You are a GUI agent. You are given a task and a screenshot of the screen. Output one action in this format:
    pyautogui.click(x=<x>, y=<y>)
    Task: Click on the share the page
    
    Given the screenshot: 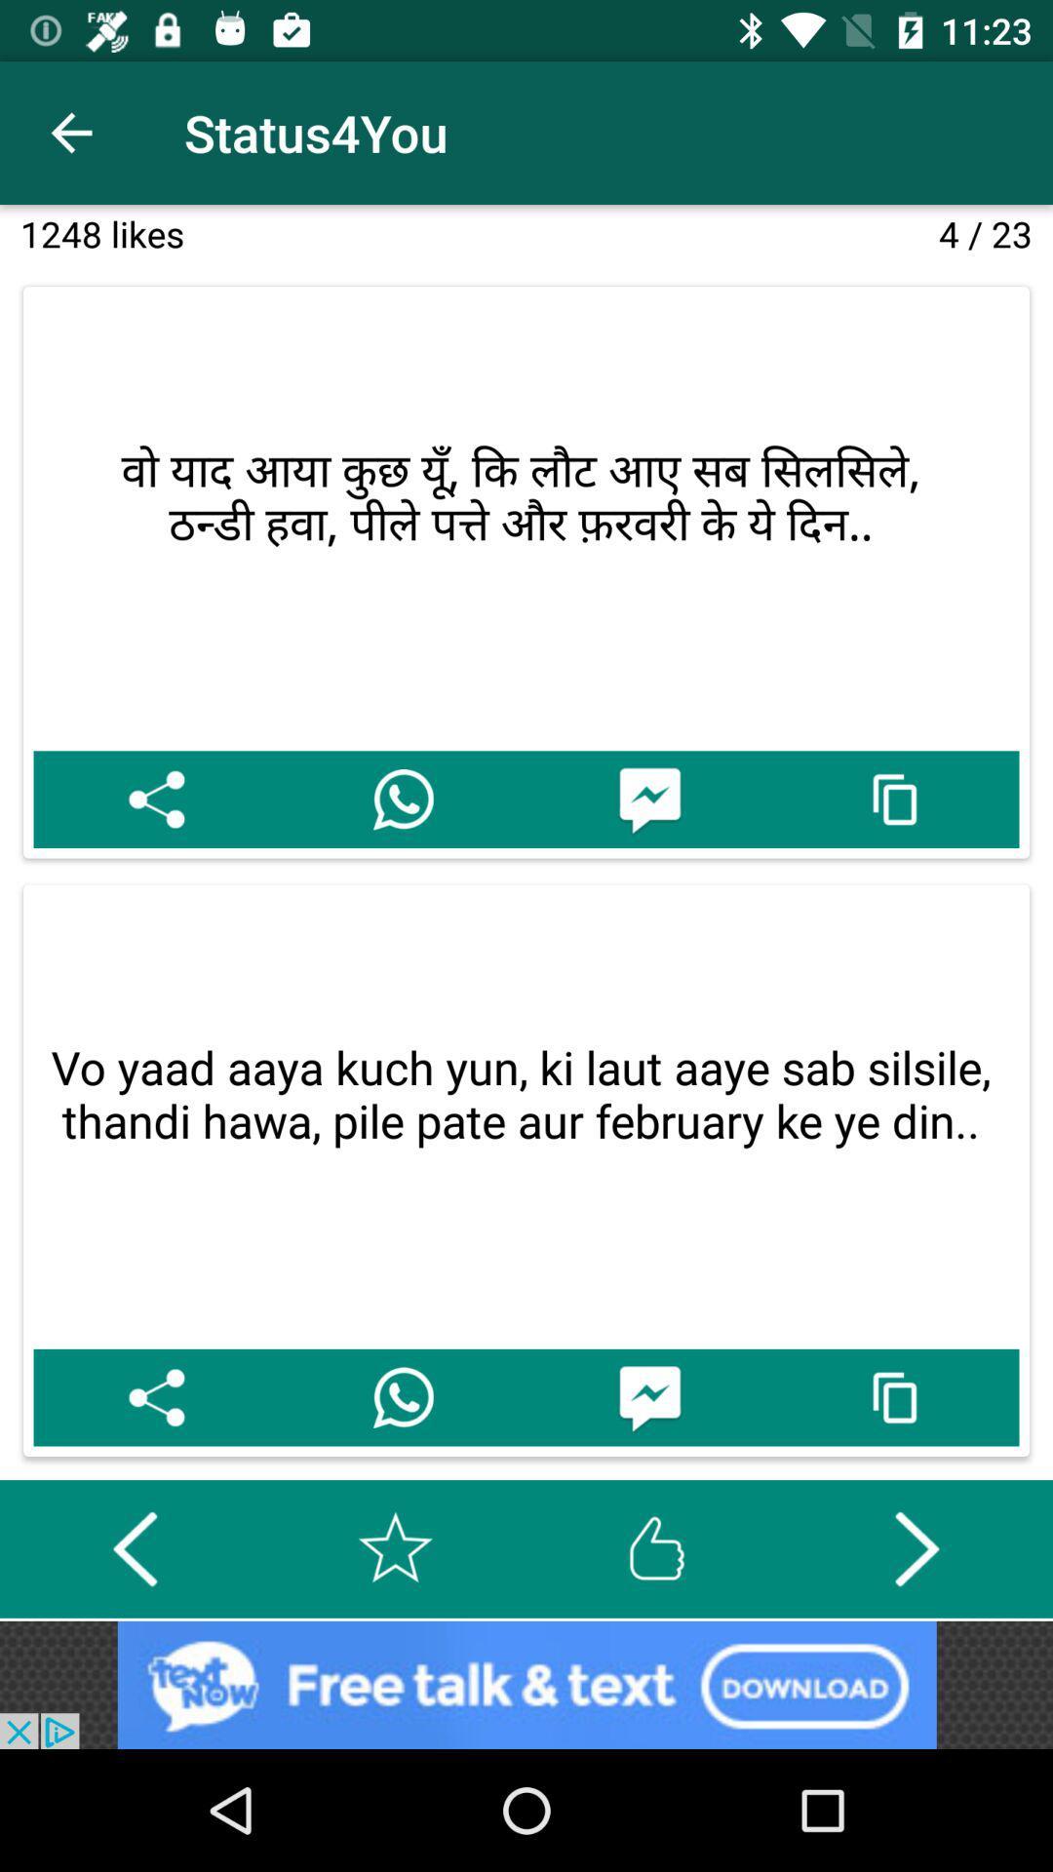 What is the action you would take?
    pyautogui.click(x=155, y=1396)
    